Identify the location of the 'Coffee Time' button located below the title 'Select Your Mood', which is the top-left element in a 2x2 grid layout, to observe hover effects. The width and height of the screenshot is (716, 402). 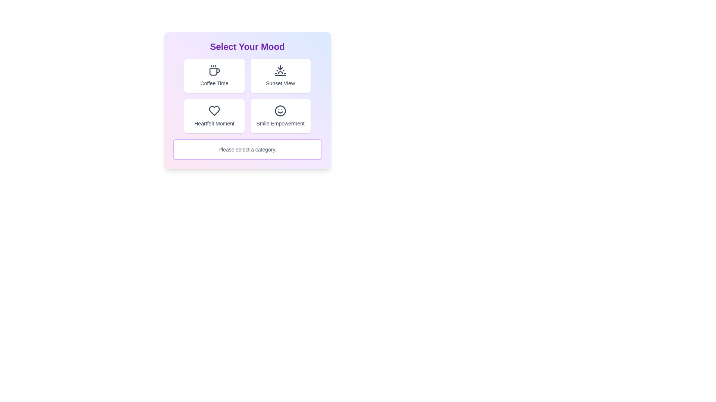
(214, 76).